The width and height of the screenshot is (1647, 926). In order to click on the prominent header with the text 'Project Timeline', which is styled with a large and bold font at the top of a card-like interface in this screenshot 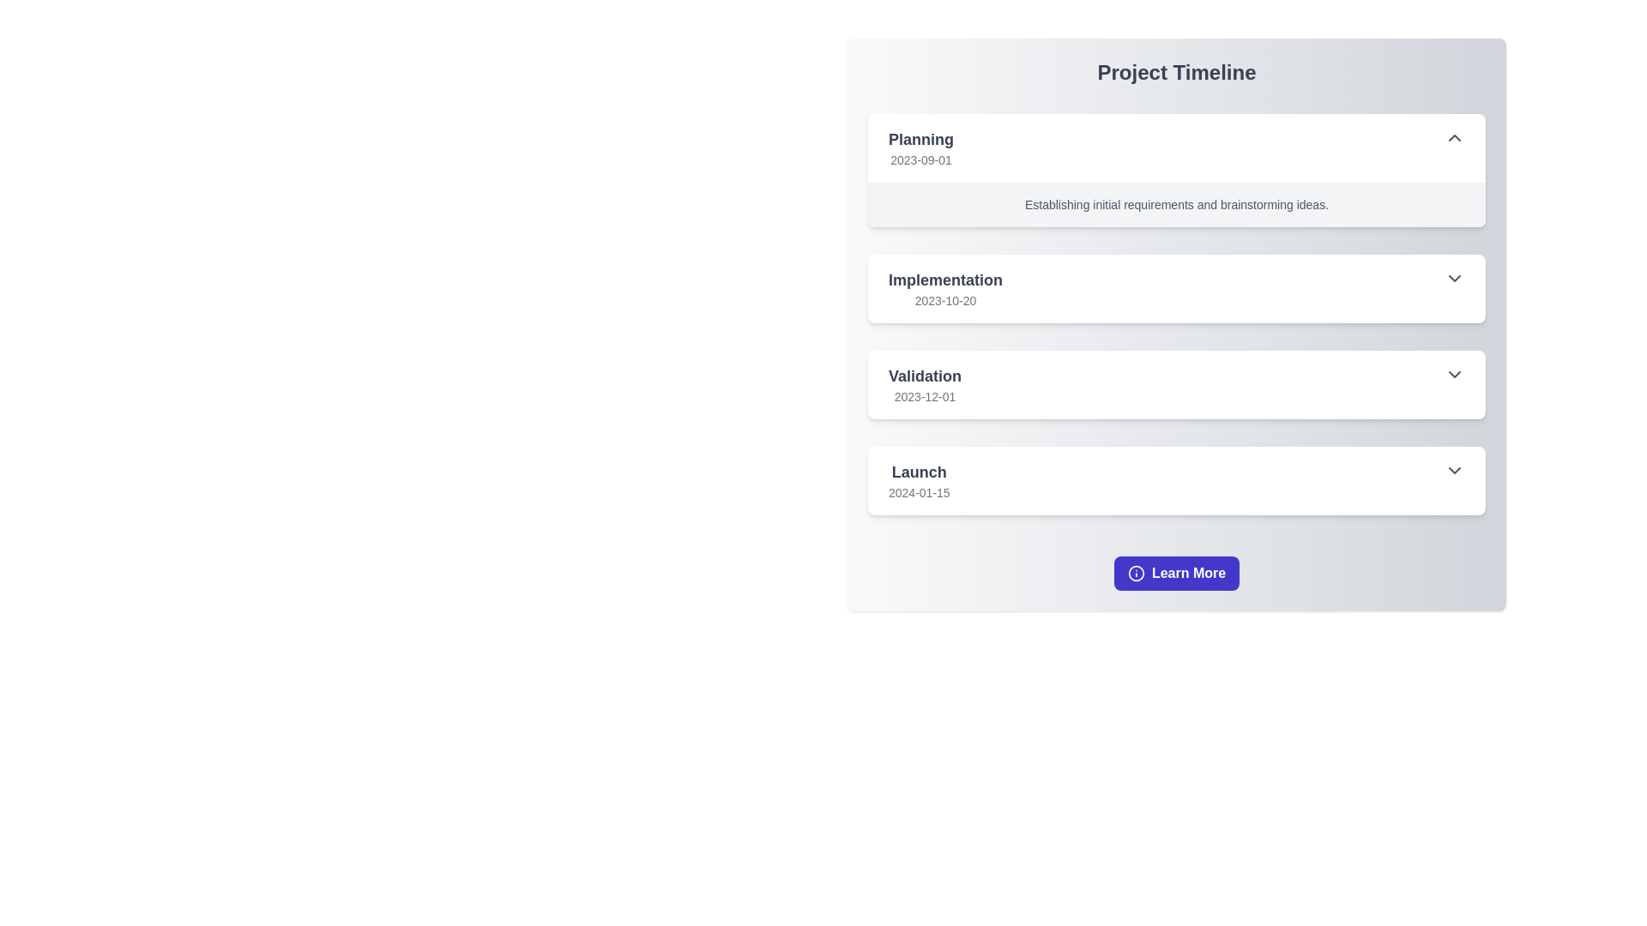, I will do `click(1176, 71)`.